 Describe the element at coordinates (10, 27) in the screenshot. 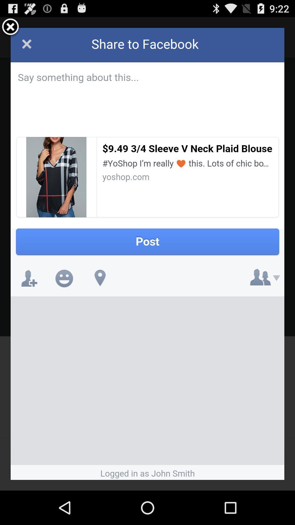

I see `the app` at that location.